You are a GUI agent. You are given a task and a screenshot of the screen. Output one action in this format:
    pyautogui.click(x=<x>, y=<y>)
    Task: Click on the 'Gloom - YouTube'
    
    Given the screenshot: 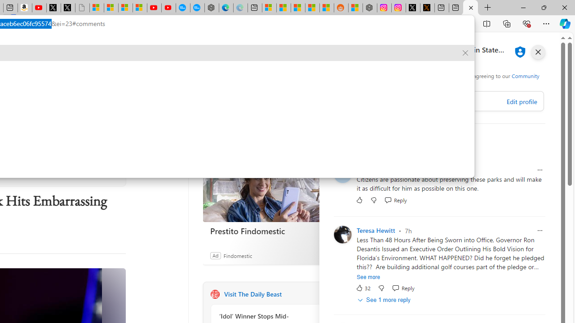 What is the action you would take?
    pyautogui.click(x=154, y=8)
    